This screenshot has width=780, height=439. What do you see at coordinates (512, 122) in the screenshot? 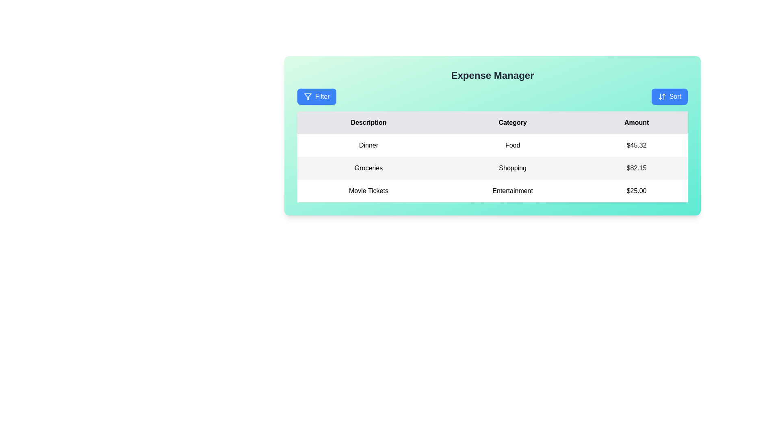
I see `the 'Category' text label element, which is the second column header in a table row, labeled with black font on a light gray background` at bounding box center [512, 122].